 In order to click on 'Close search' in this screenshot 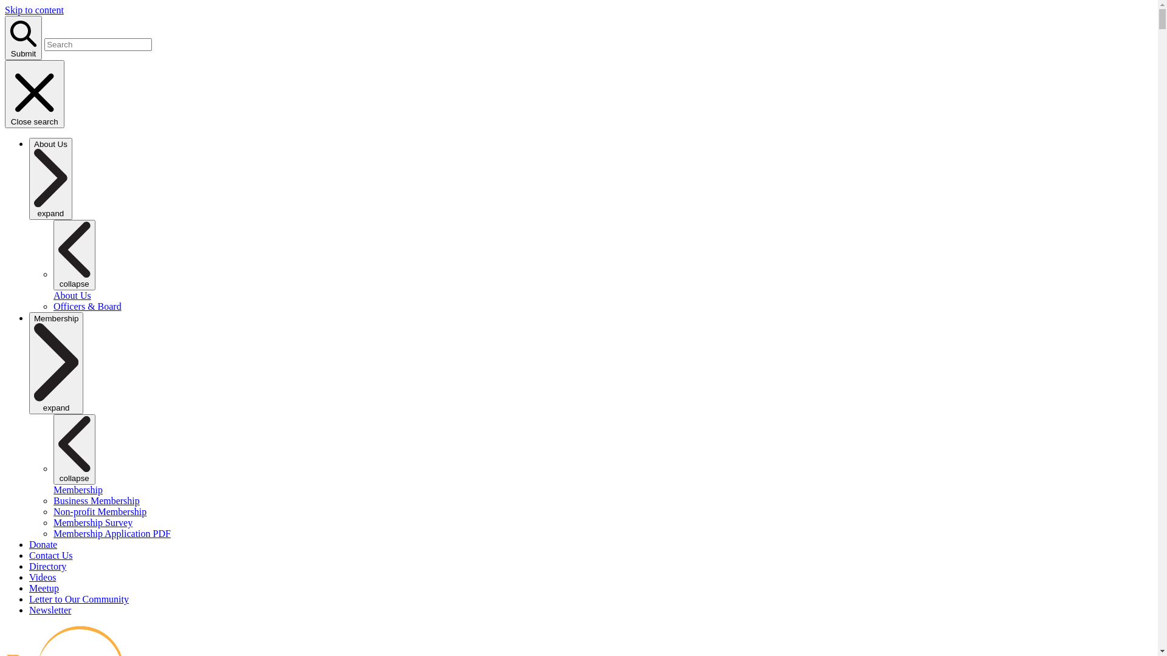, I will do `click(35, 93)`.